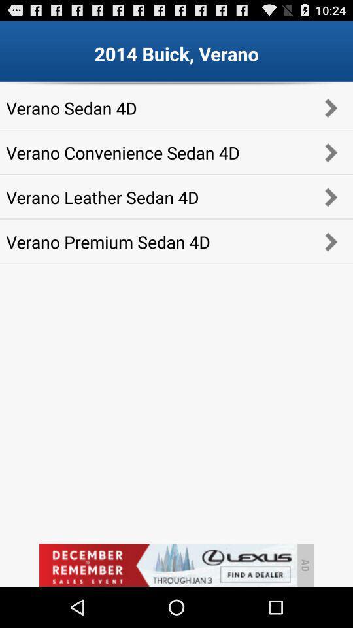 Image resolution: width=353 pixels, height=628 pixels. What do you see at coordinates (167, 565) in the screenshot?
I see `the icon below verano premium sedan app` at bounding box center [167, 565].